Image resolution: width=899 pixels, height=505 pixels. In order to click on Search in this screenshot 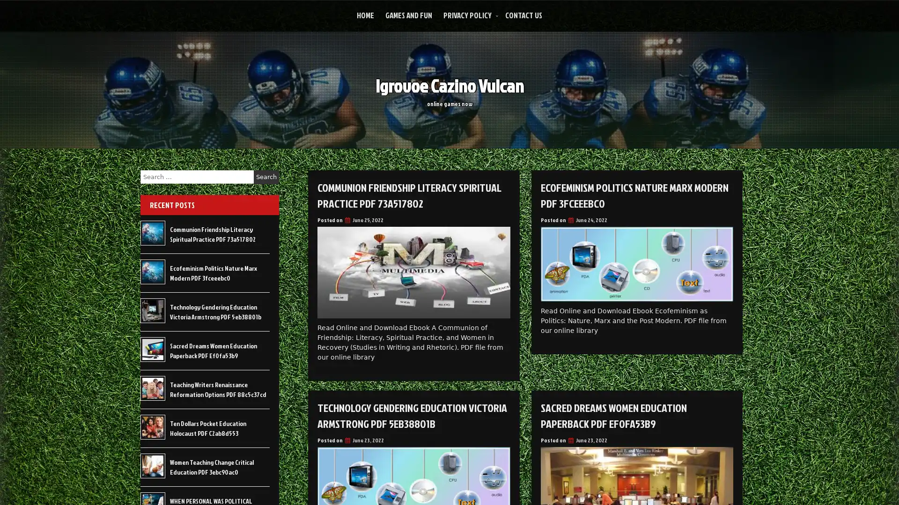, I will do `click(266, 177)`.